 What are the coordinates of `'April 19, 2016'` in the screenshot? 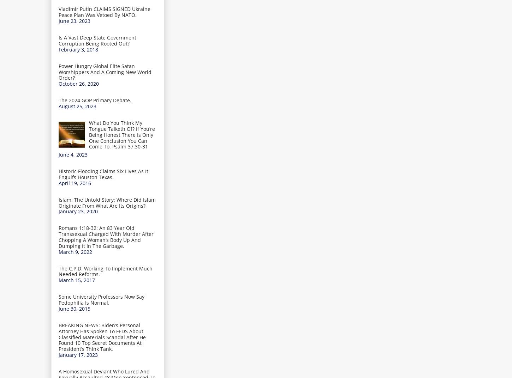 It's located at (58, 183).